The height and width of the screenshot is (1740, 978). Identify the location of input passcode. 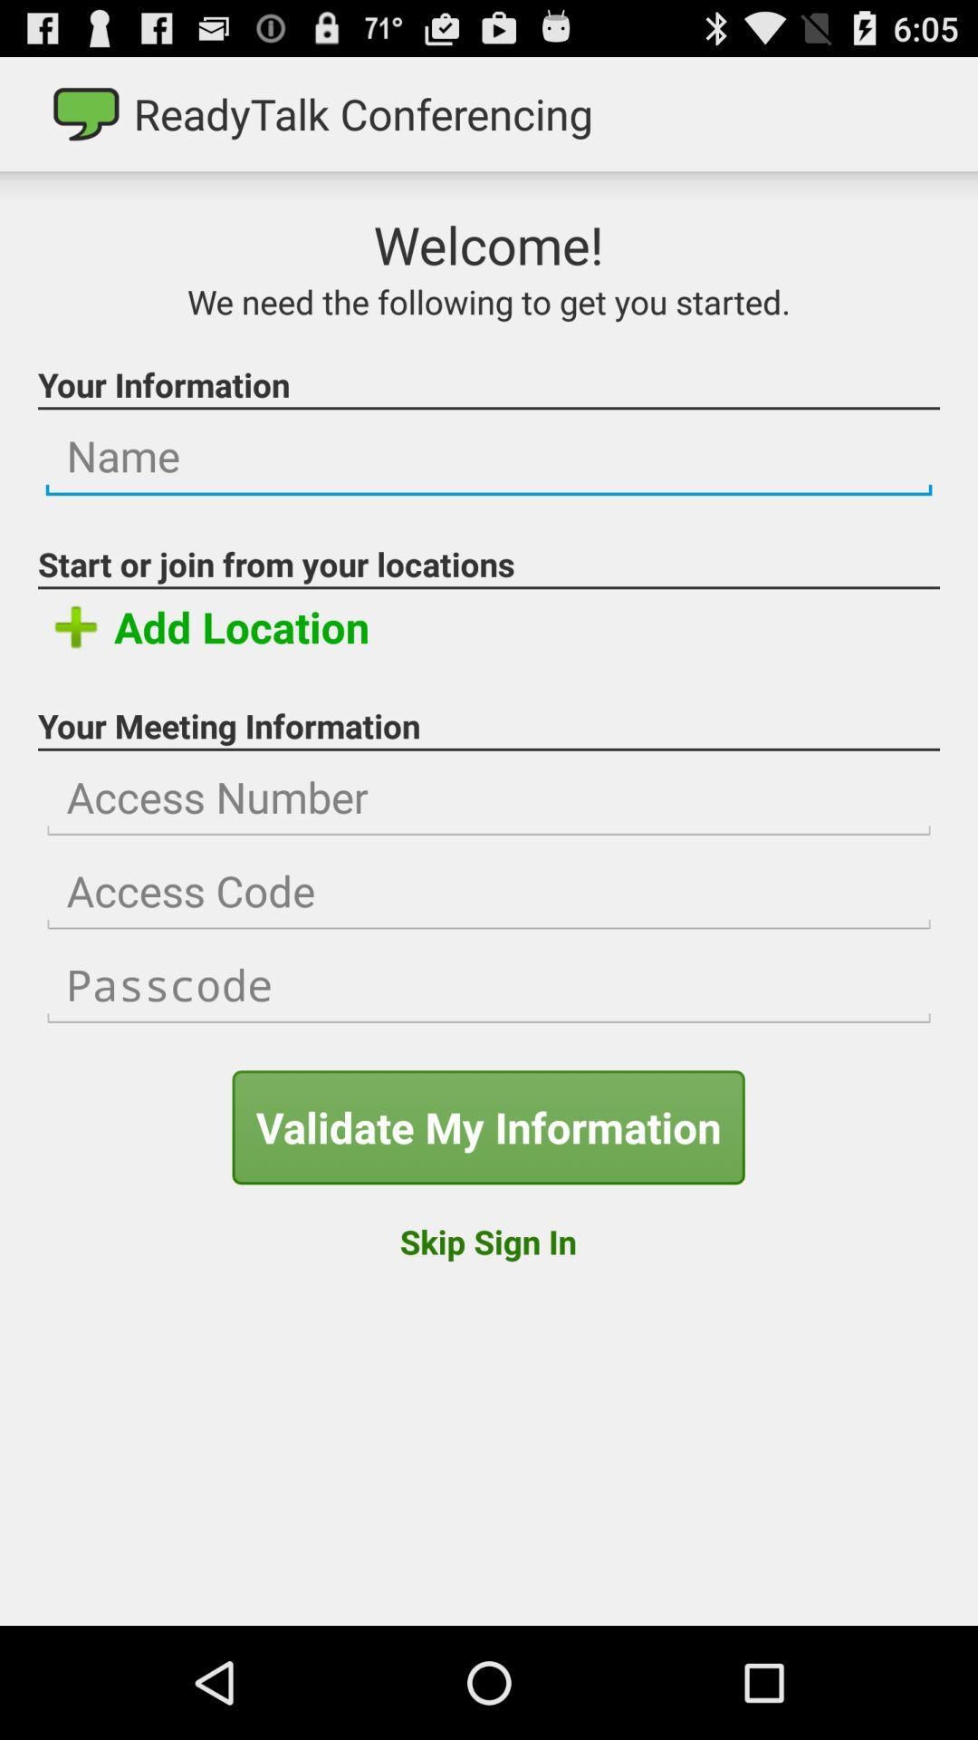
(489, 984).